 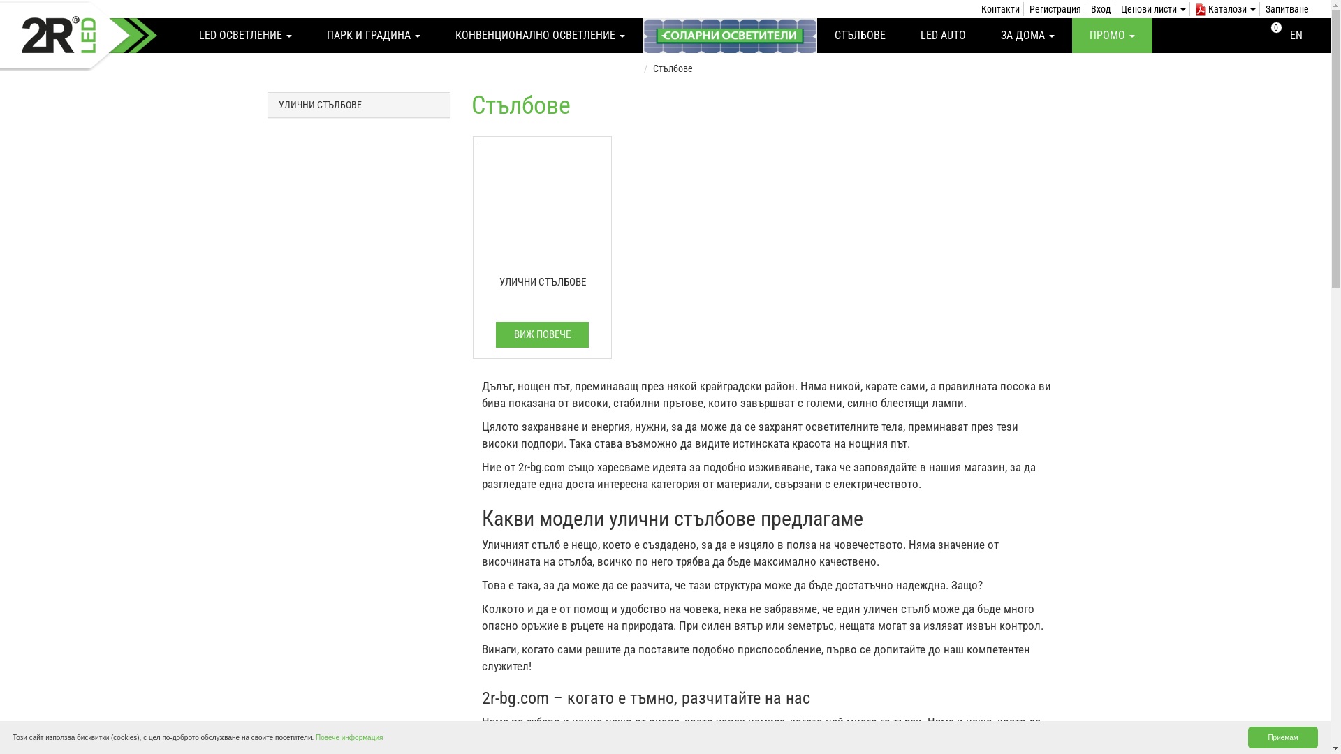 I want to click on 'LED AUTO', so click(x=943, y=34).